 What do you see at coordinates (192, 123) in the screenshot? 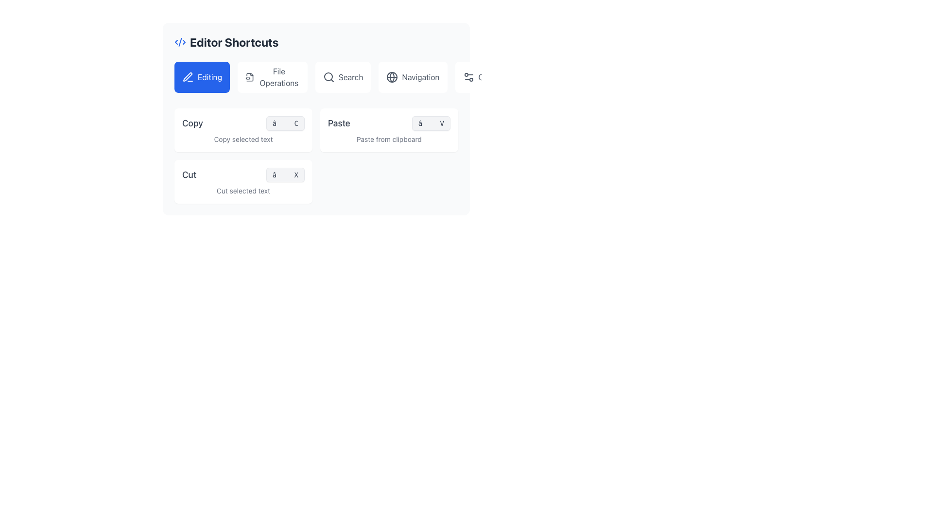
I see `the 'Copy' text label, which is bold and medium-sized, located within the 'Editor Shortcuts' block, positioned near the shortcut symbol '⌘ C'` at bounding box center [192, 123].